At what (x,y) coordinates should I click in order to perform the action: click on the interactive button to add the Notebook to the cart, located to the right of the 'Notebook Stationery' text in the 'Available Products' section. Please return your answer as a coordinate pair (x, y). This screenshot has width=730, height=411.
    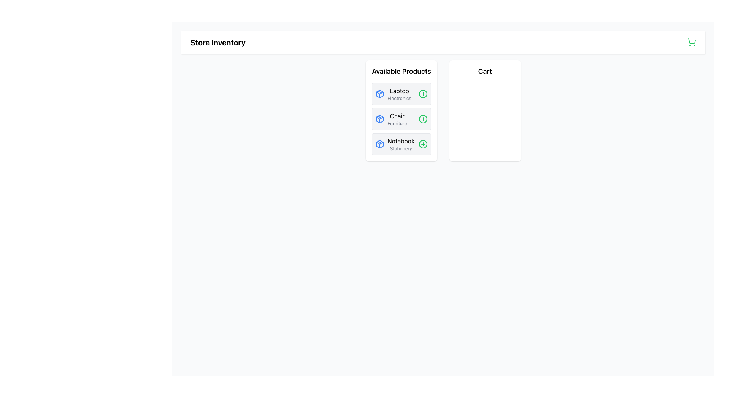
    Looking at the image, I should click on (423, 144).